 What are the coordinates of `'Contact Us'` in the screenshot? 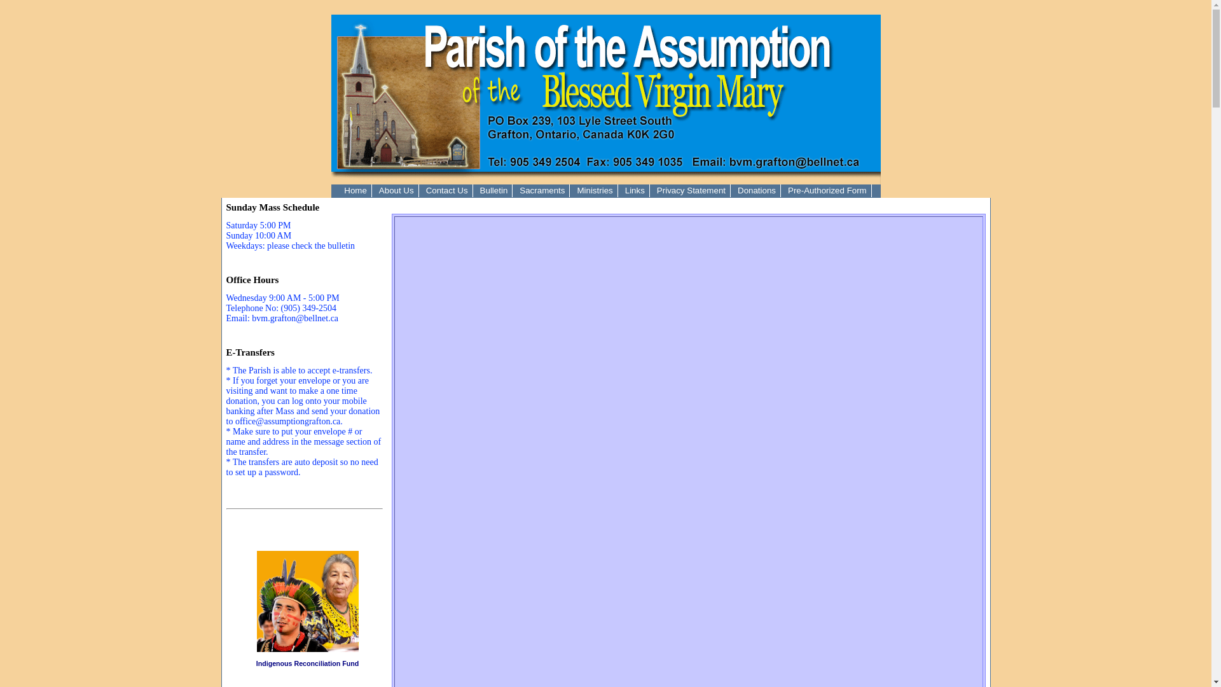 It's located at (447, 190).